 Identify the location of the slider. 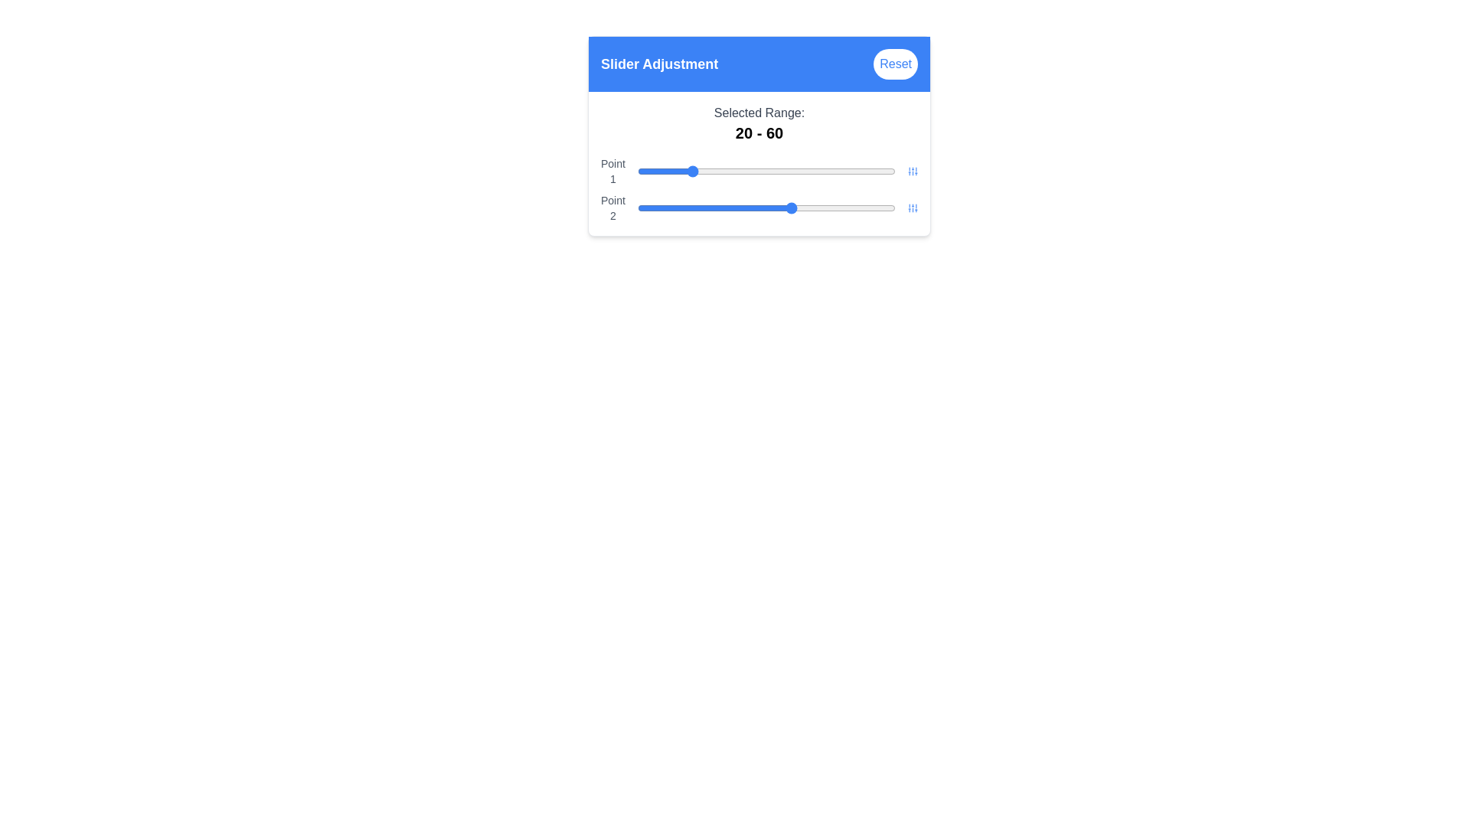
(848, 208).